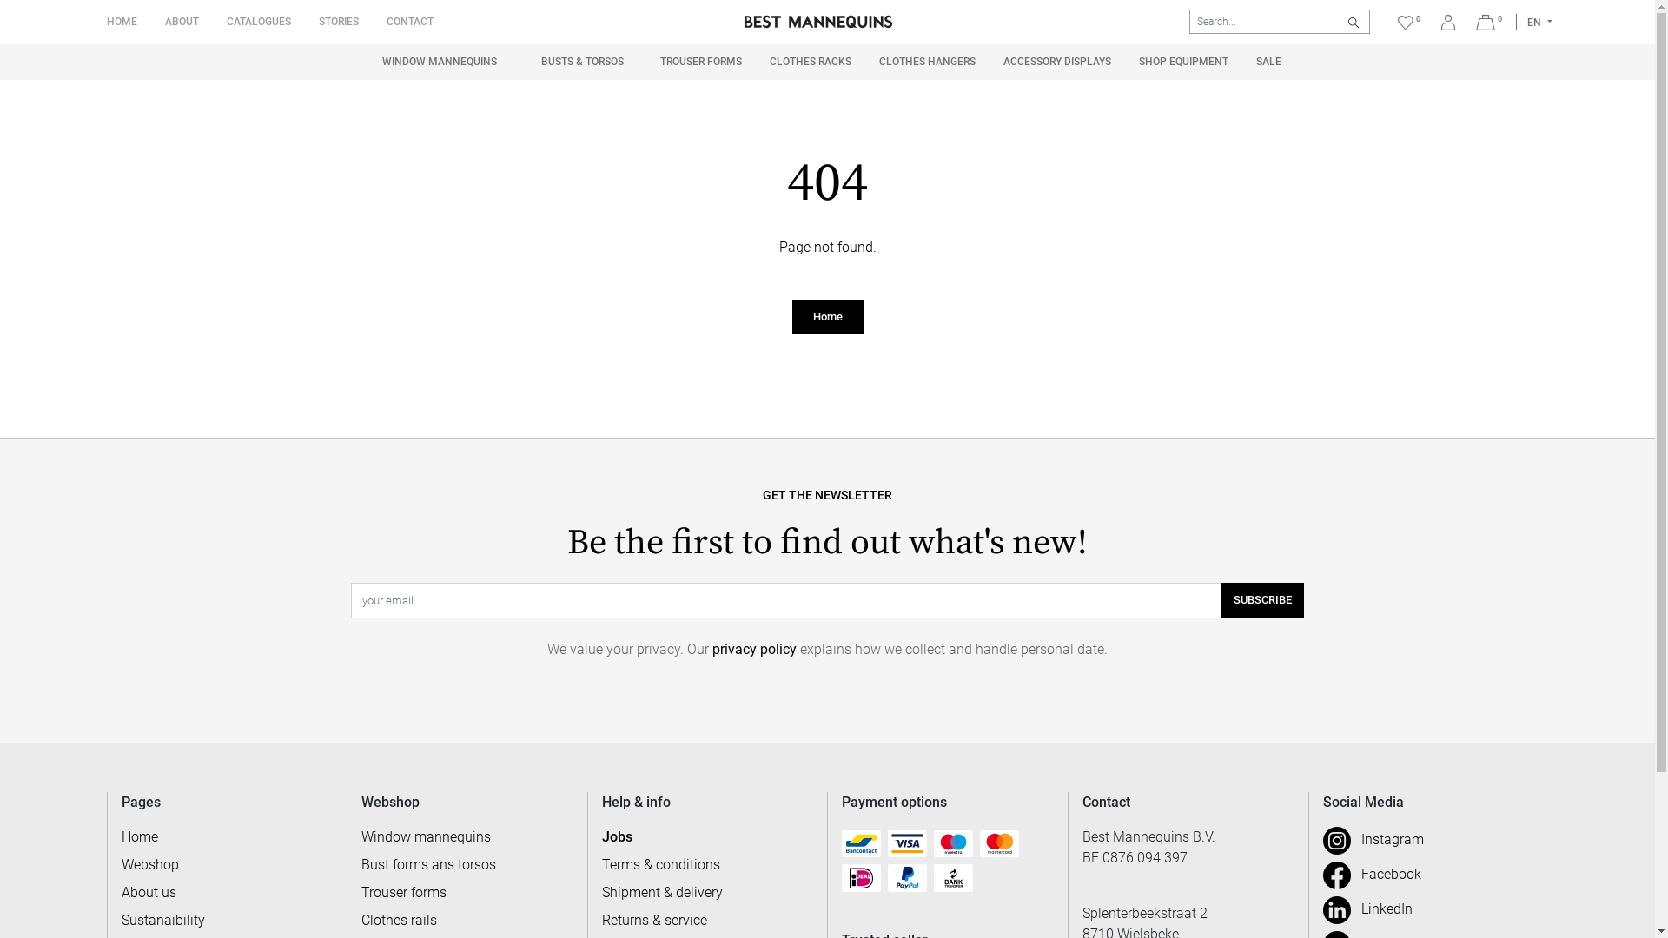  I want to click on '0', so click(1487, 22).